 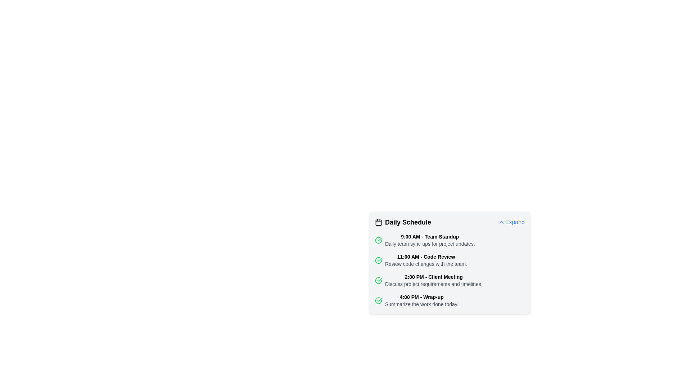 What do you see at coordinates (378, 222) in the screenshot?
I see `the small rectangular shape with rounded corners that is part of the calendar icon in the 'Daily Schedule' section, located in the top-left corner of the interface` at bounding box center [378, 222].